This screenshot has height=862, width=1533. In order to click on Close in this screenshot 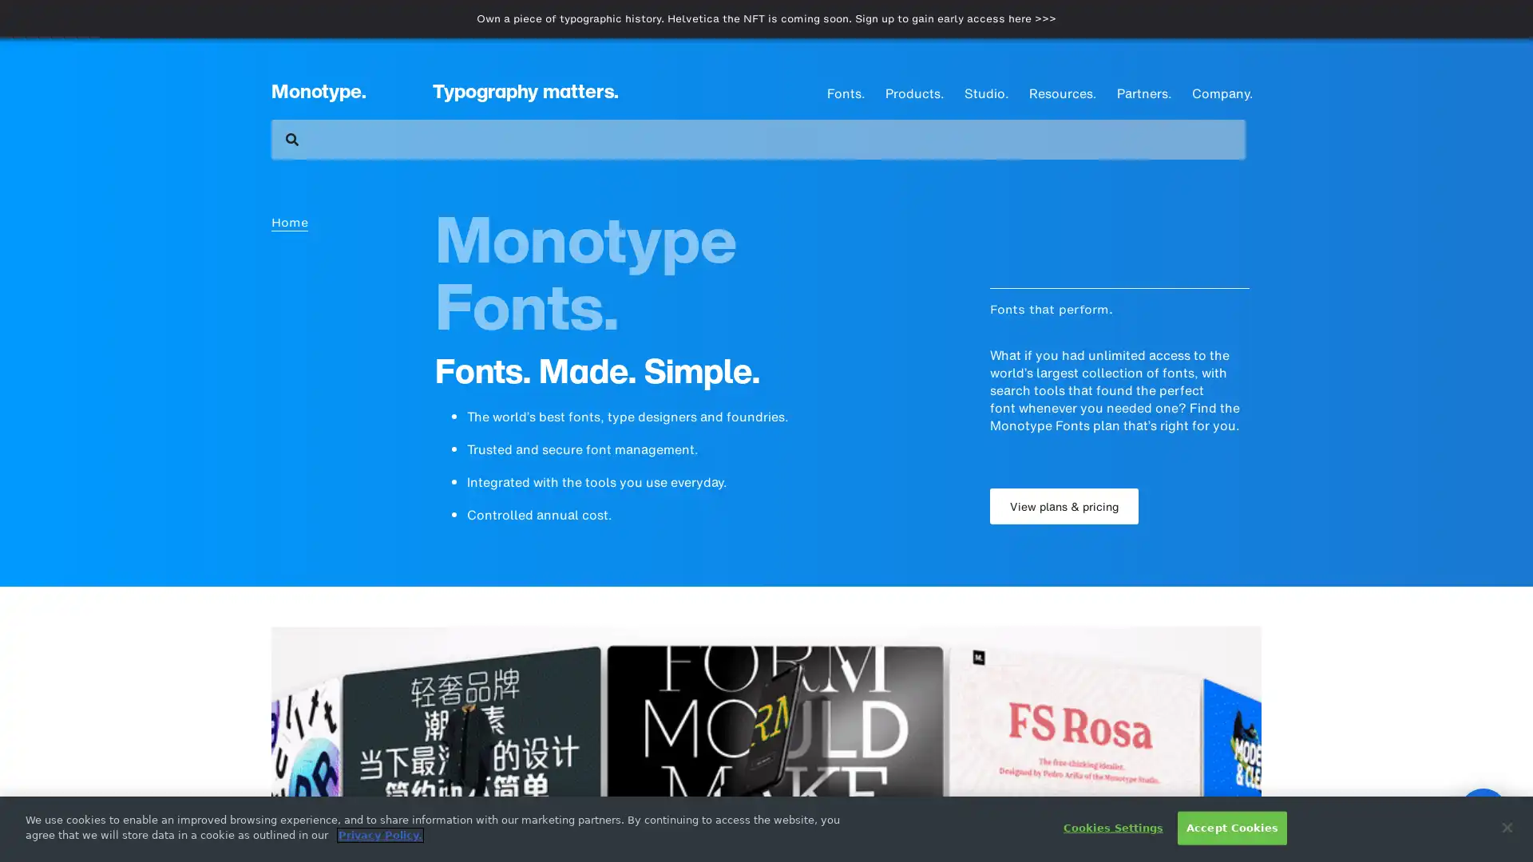, I will do `click(1506, 826)`.